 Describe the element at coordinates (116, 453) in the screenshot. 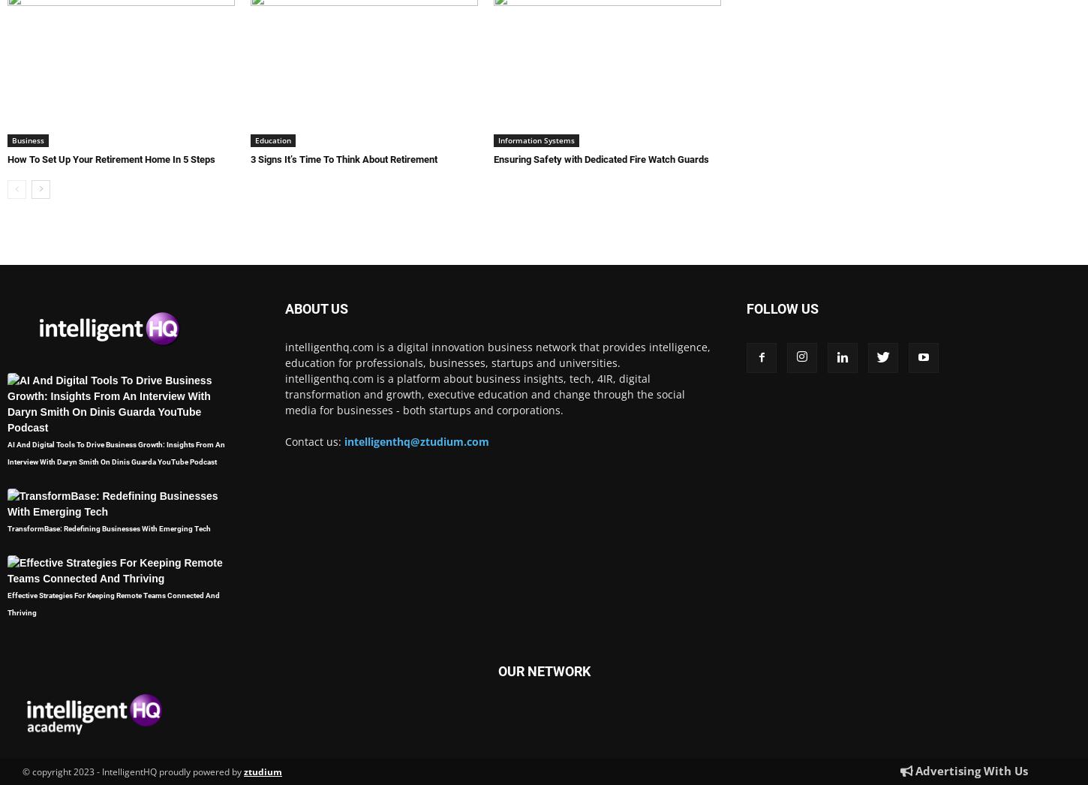

I see `'AI And Digital Tools To Drive Business Growth: Insights From An Interview With Daryn Smith On Dinis Guarda YouTube Podcast'` at that location.